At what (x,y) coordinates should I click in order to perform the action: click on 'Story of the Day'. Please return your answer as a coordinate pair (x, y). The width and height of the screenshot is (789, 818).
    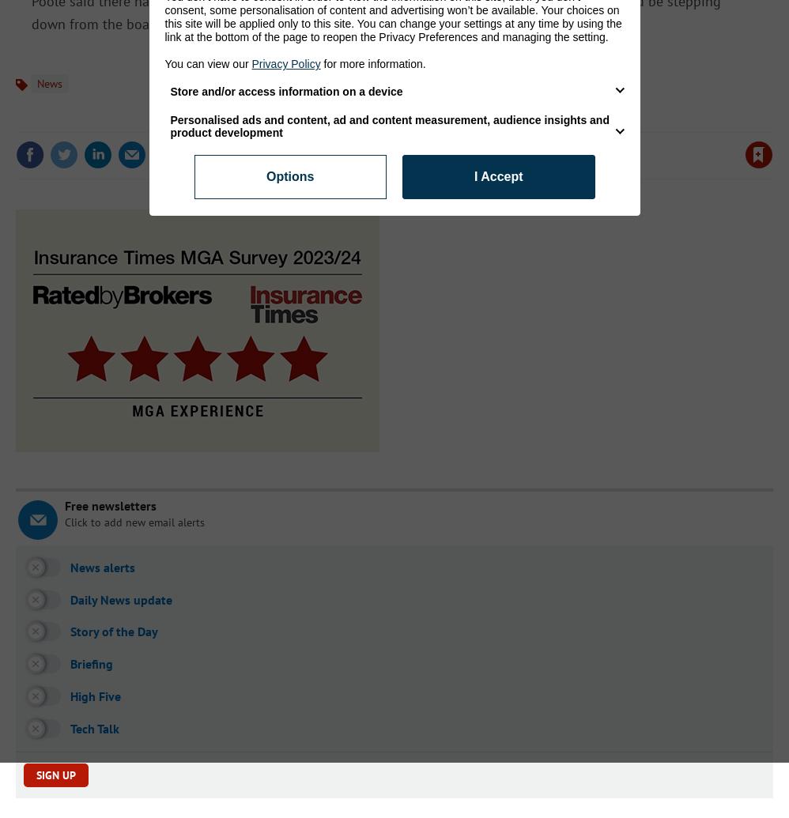
    Looking at the image, I should click on (114, 631).